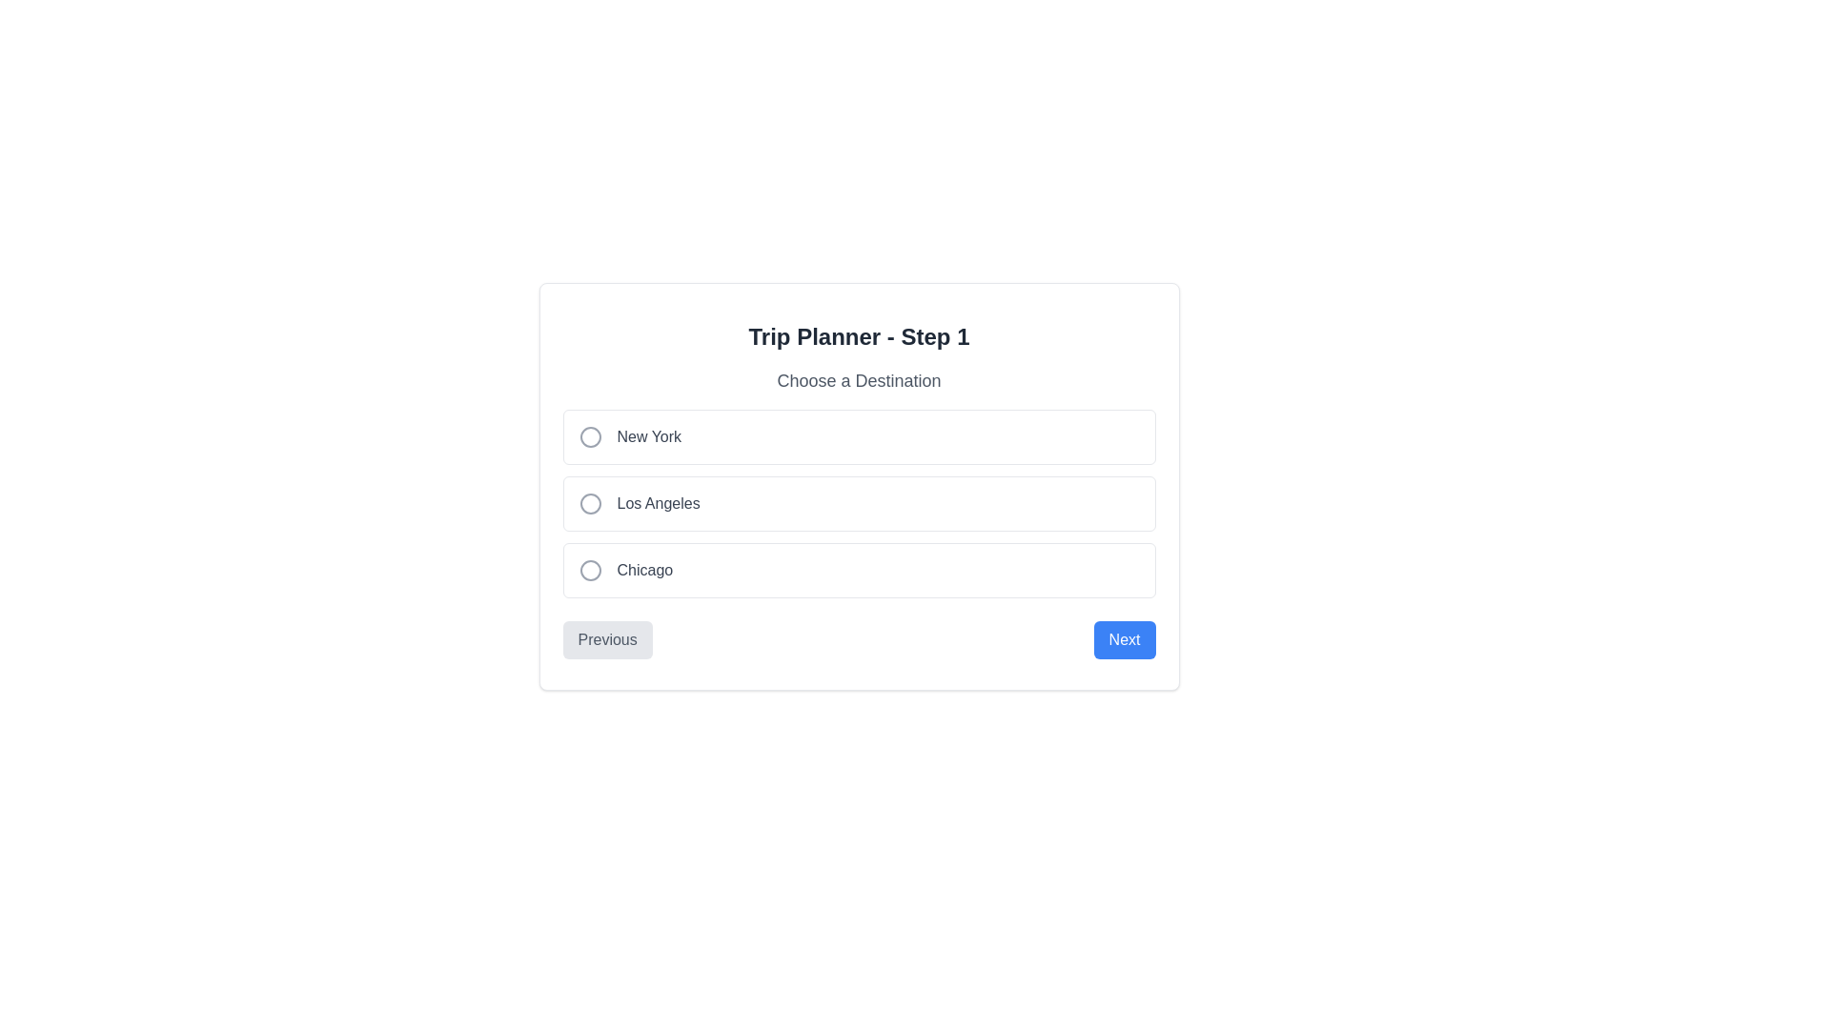 The width and height of the screenshot is (1830, 1029). I want to click on the radio button representing the 'Chicago' option, so click(589, 569).